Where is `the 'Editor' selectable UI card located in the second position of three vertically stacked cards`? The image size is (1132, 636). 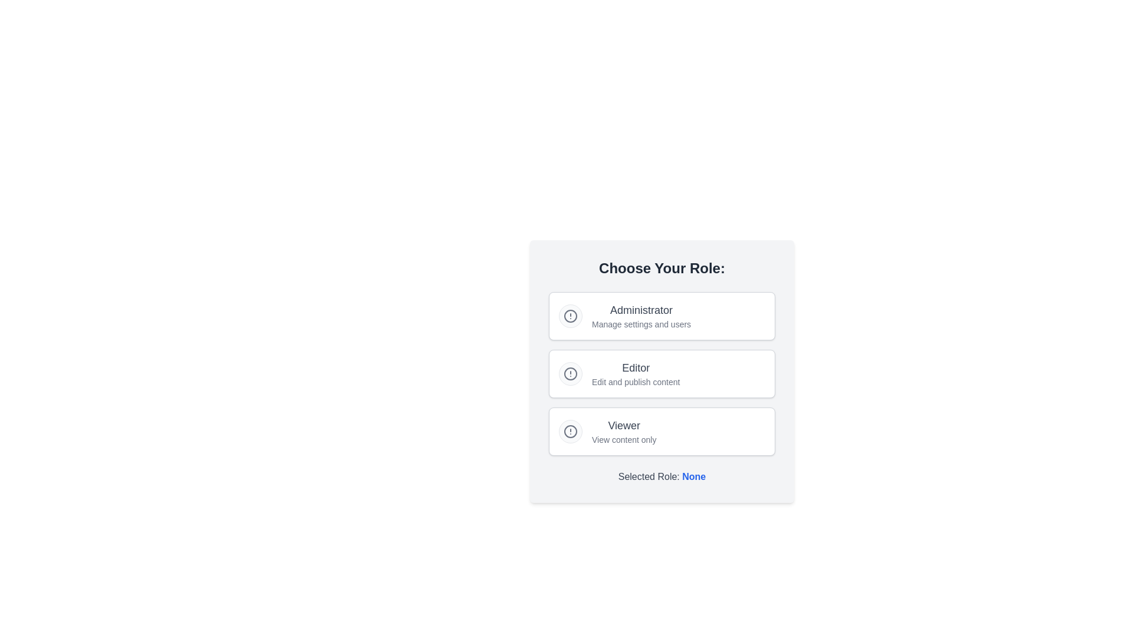 the 'Editor' selectable UI card located in the second position of three vertically stacked cards is located at coordinates (662, 374).